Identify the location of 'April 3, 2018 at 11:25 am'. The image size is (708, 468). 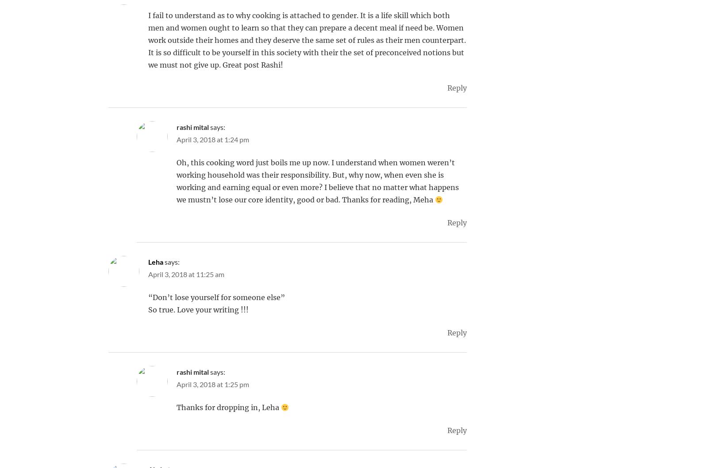
(185, 274).